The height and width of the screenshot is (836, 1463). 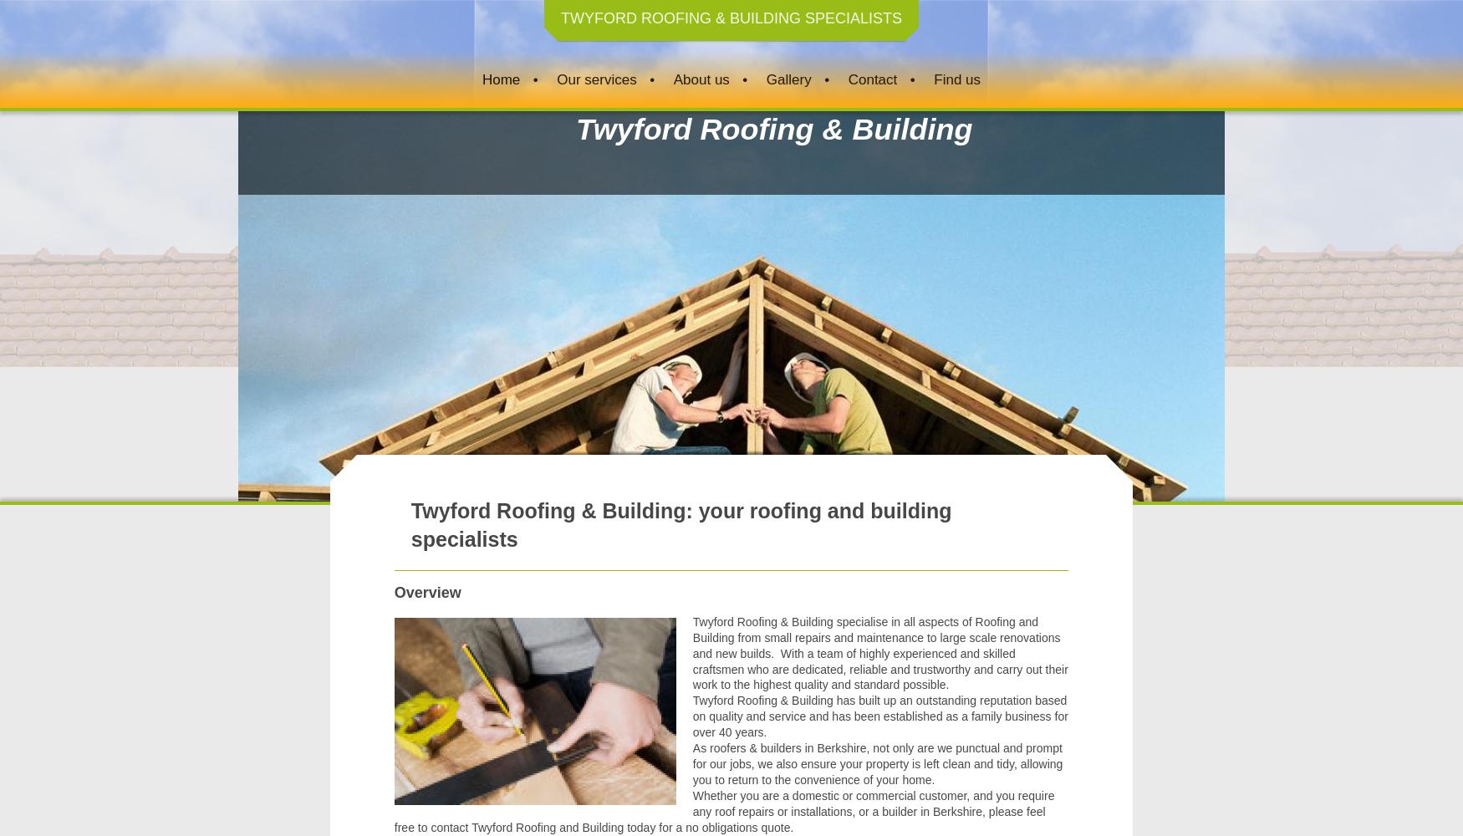 What do you see at coordinates (846, 78) in the screenshot?
I see `'Contact'` at bounding box center [846, 78].